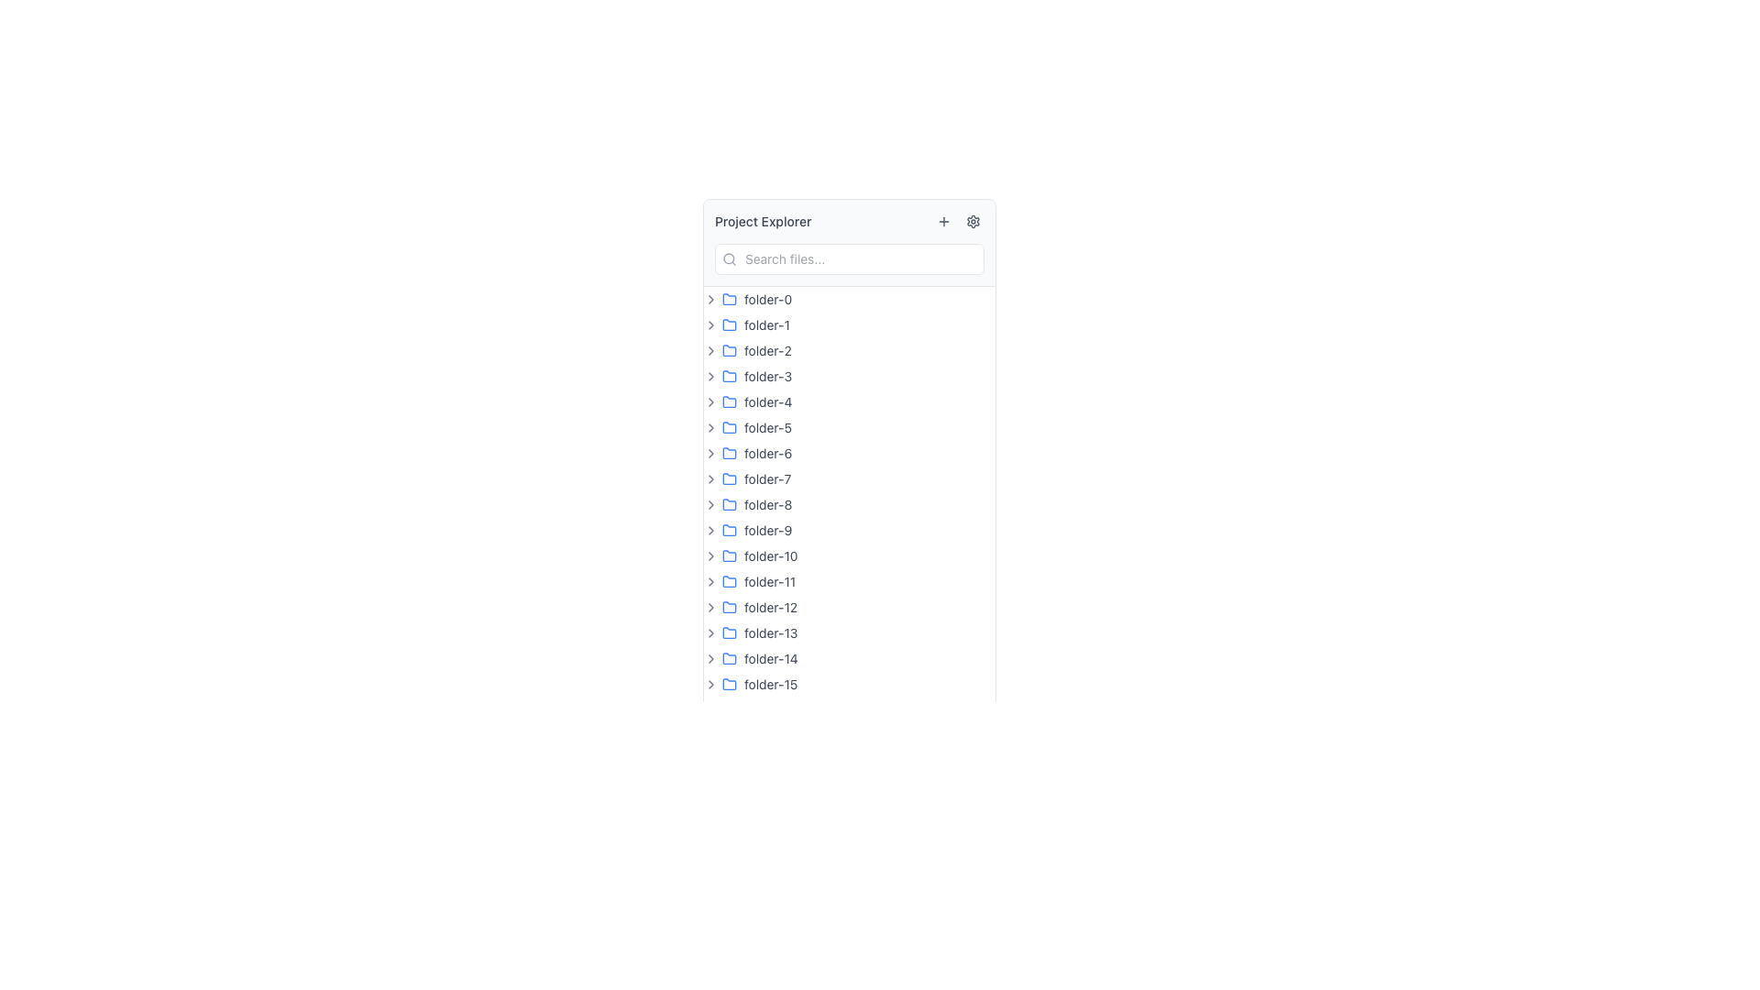 The height and width of the screenshot is (990, 1760). I want to click on the folder icon representing 'folder-0' in the Project Explorer sidebar, so click(729, 299).